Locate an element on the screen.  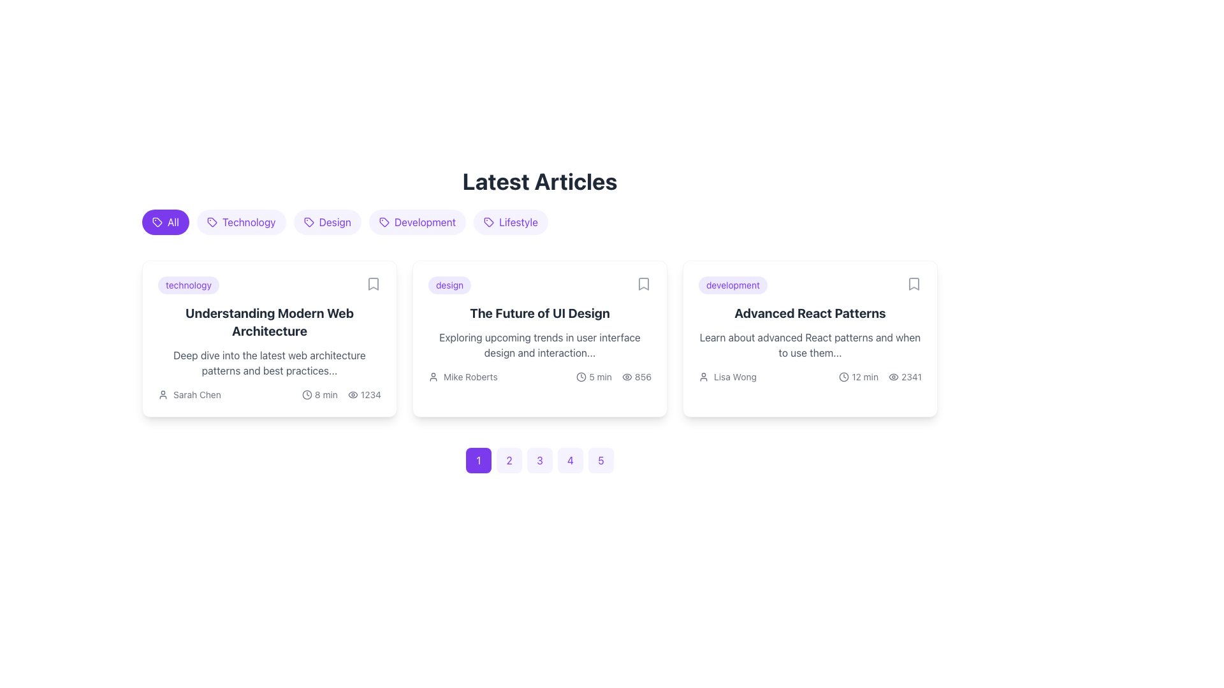
the purple button labeled 'All' with a tag icon on the left is located at coordinates (164, 221).